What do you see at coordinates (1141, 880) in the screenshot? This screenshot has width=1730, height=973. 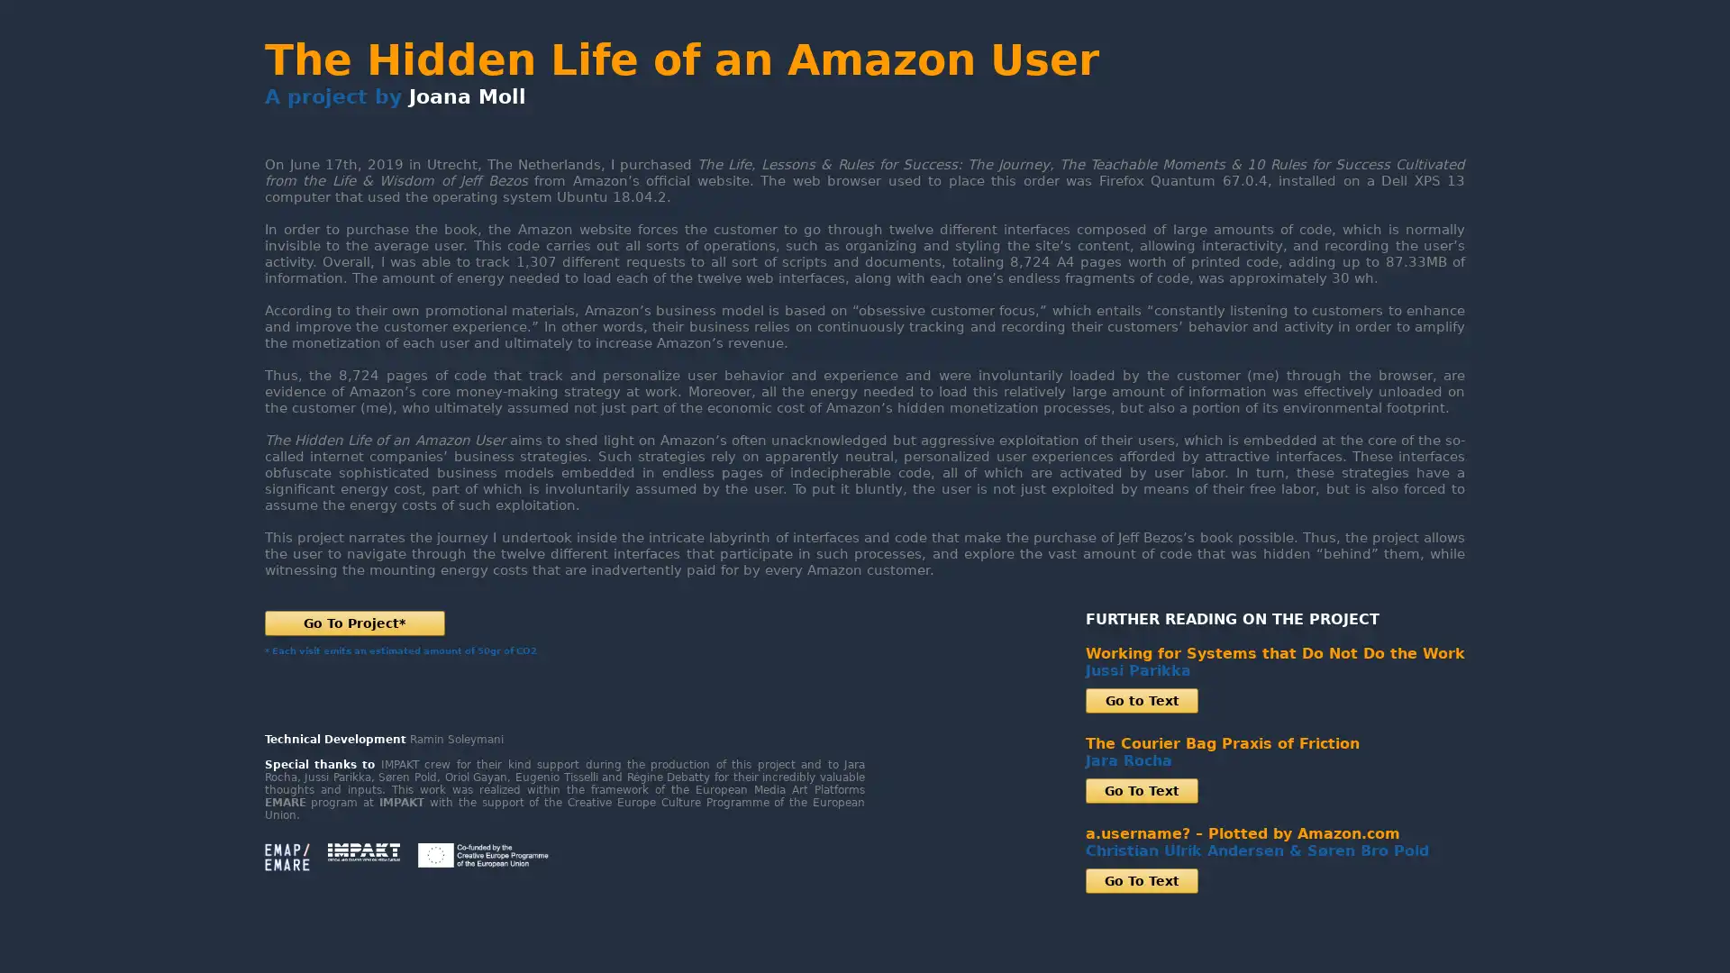 I see `Go To Text` at bounding box center [1141, 880].